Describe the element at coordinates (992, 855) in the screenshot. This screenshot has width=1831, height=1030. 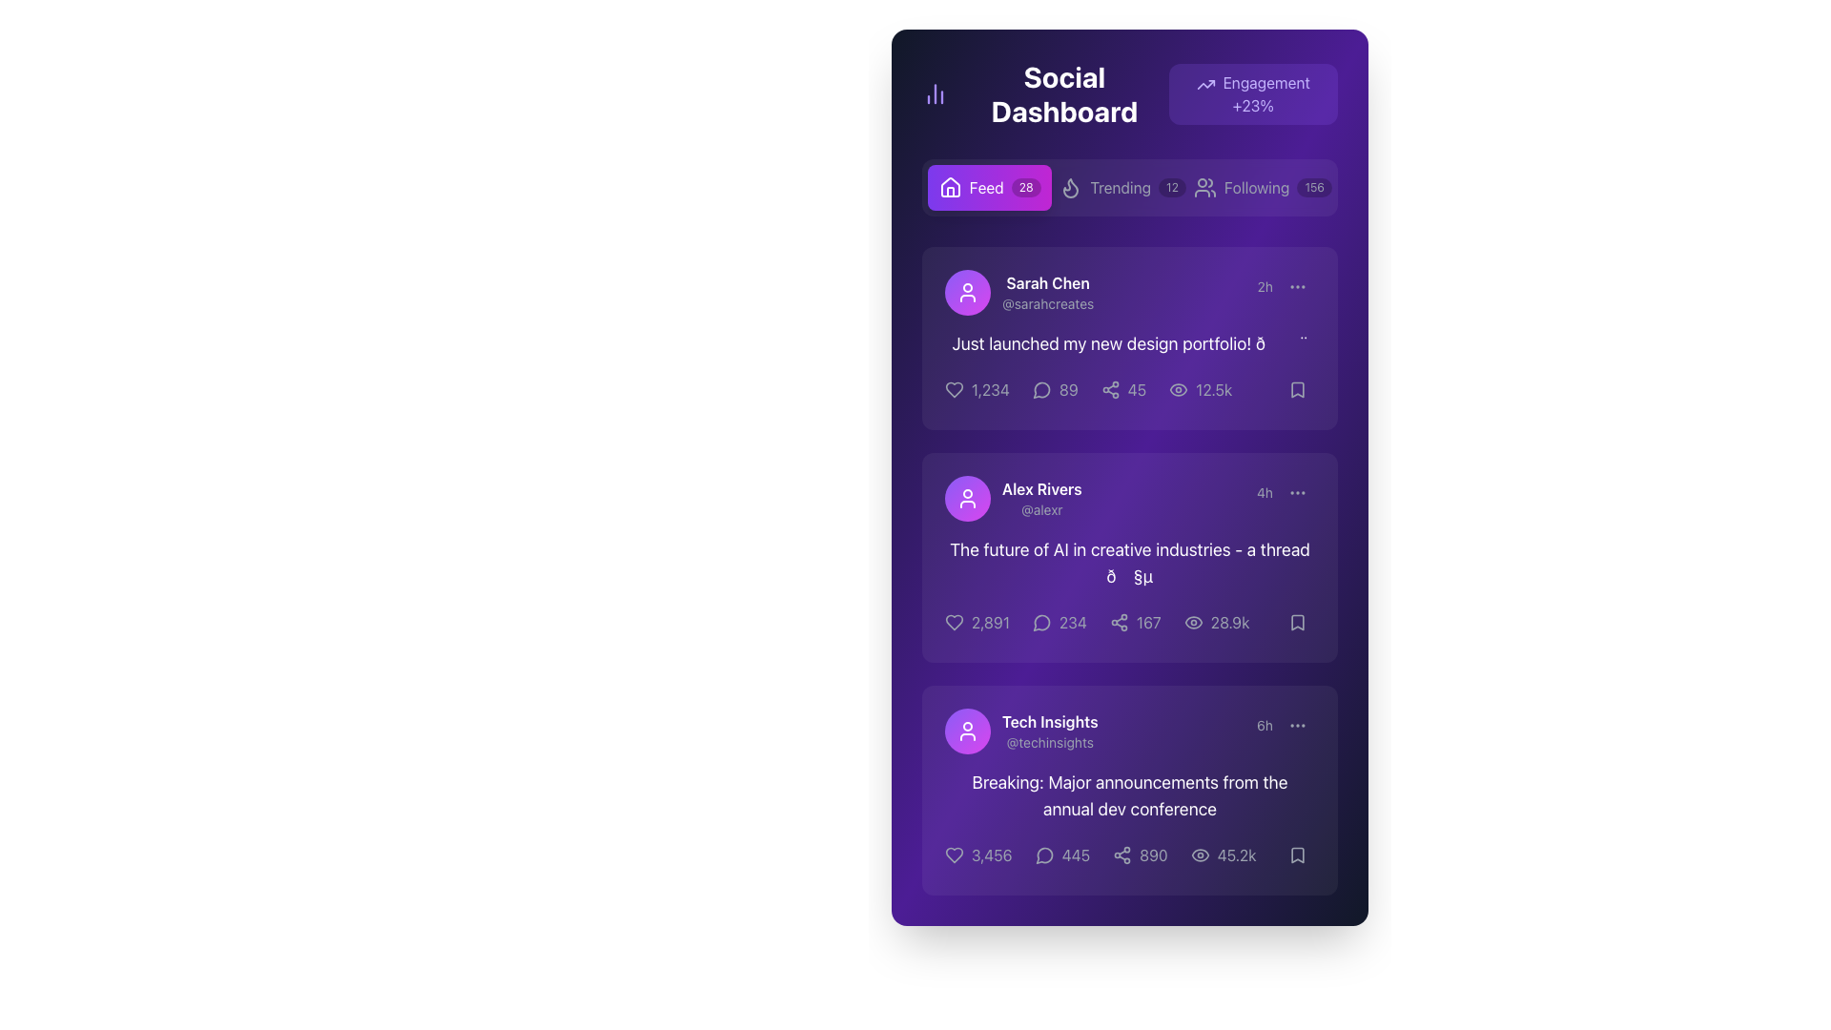
I see `numerical count of engagement associated with the heart icon, which is the first statistic entry in the footer of the content card titled 'Breaking: Major announcements from the annual dev conference' by Tech Insights` at that location.